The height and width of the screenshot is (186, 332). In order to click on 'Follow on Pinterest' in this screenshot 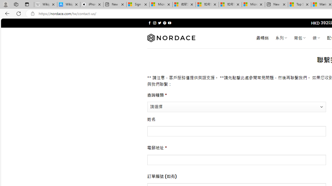, I will do `click(164, 23)`.